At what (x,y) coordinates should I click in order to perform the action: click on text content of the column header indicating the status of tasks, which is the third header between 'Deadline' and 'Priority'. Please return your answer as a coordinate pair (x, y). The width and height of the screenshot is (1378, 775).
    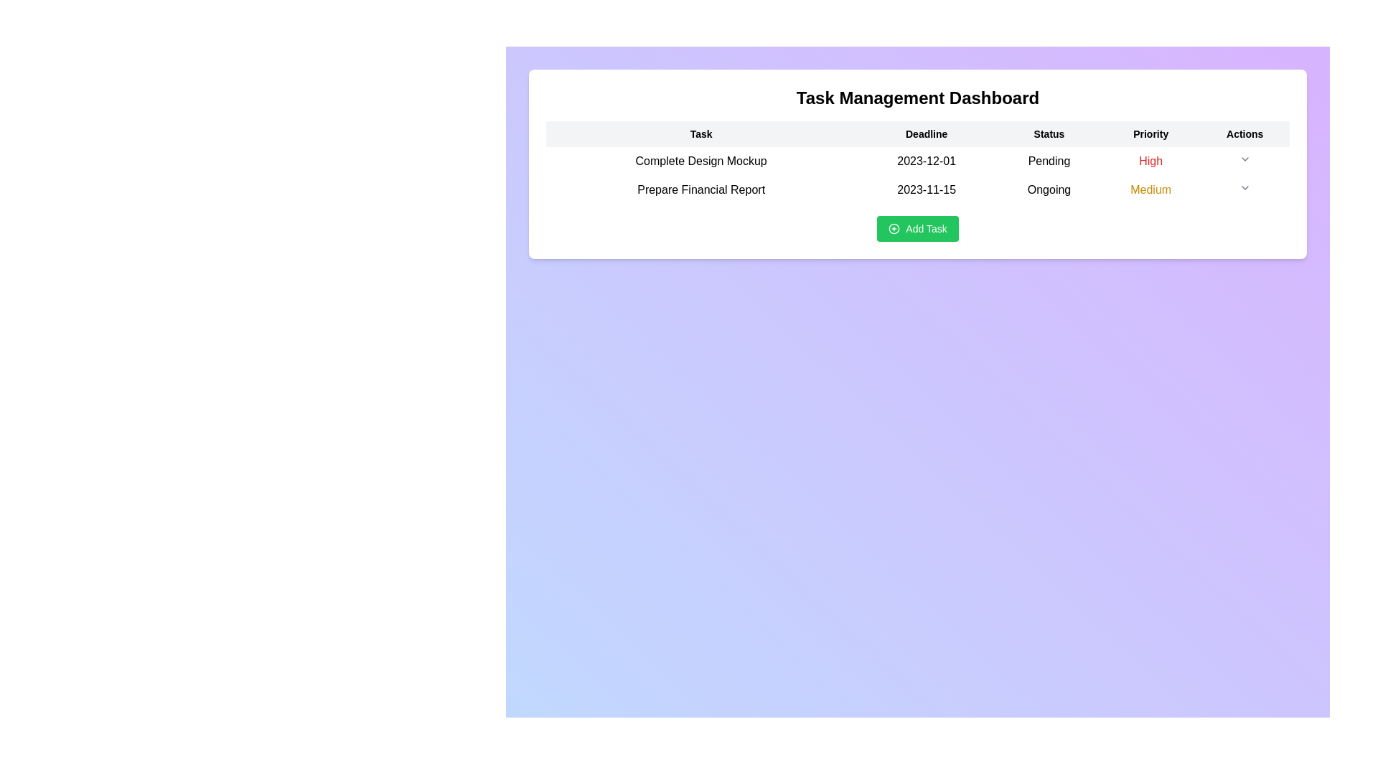
    Looking at the image, I should click on (1049, 133).